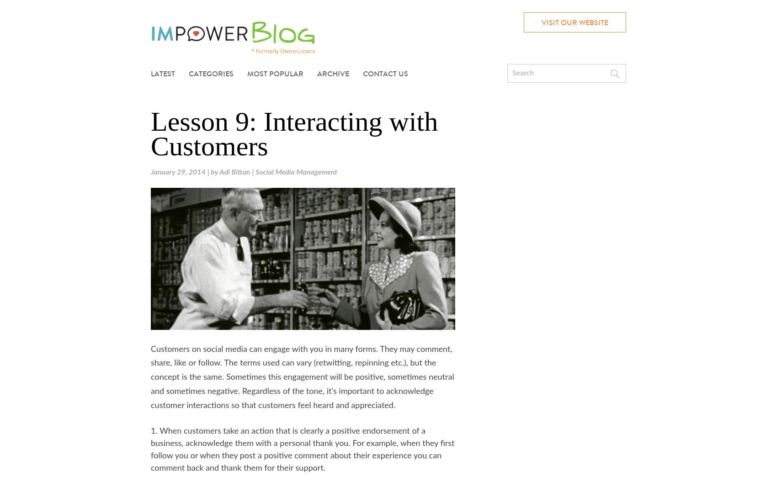  Describe the element at coordinates (234, 172) in the screenshot. I see `'Adi Bittan'` at that location.